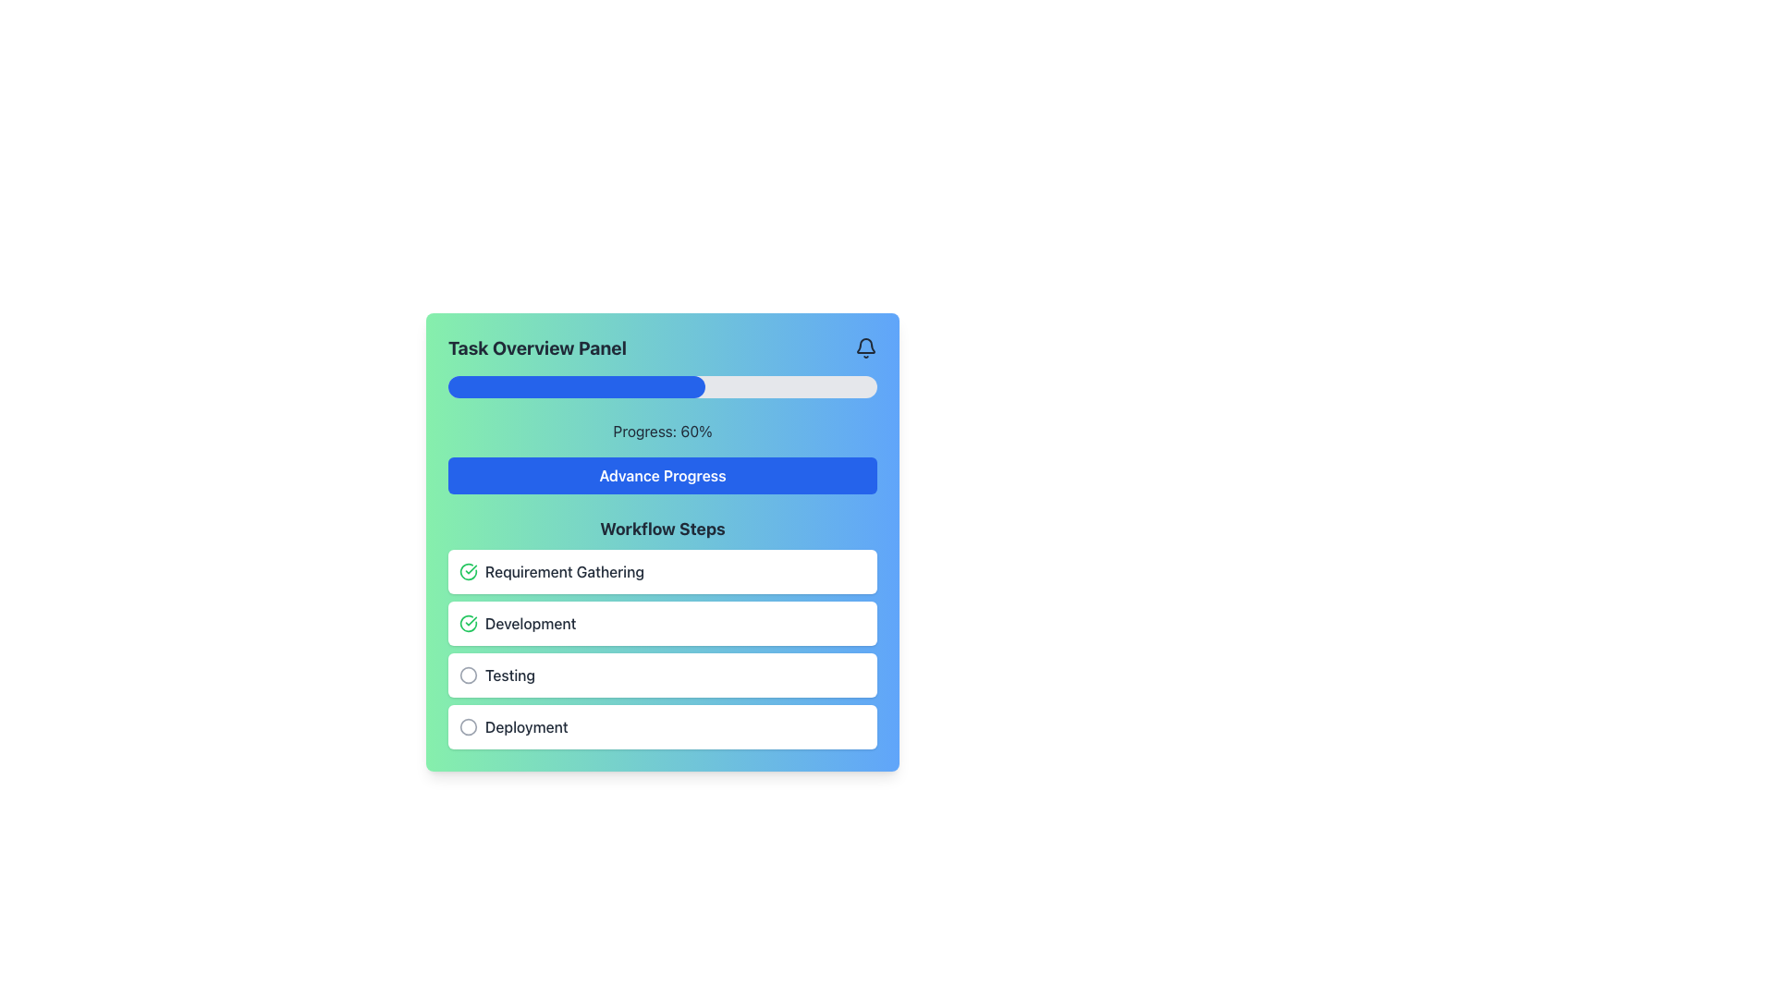 This screenshot has width=1775, height=998. What do you see at coordinates (469, 624) in the screenshot?
I see `the status indicator icon signaling completion of the 'Development' step in the 'Workflow Steps' section of the 'Task Overview Panel'` at bounding box center [469, 624].